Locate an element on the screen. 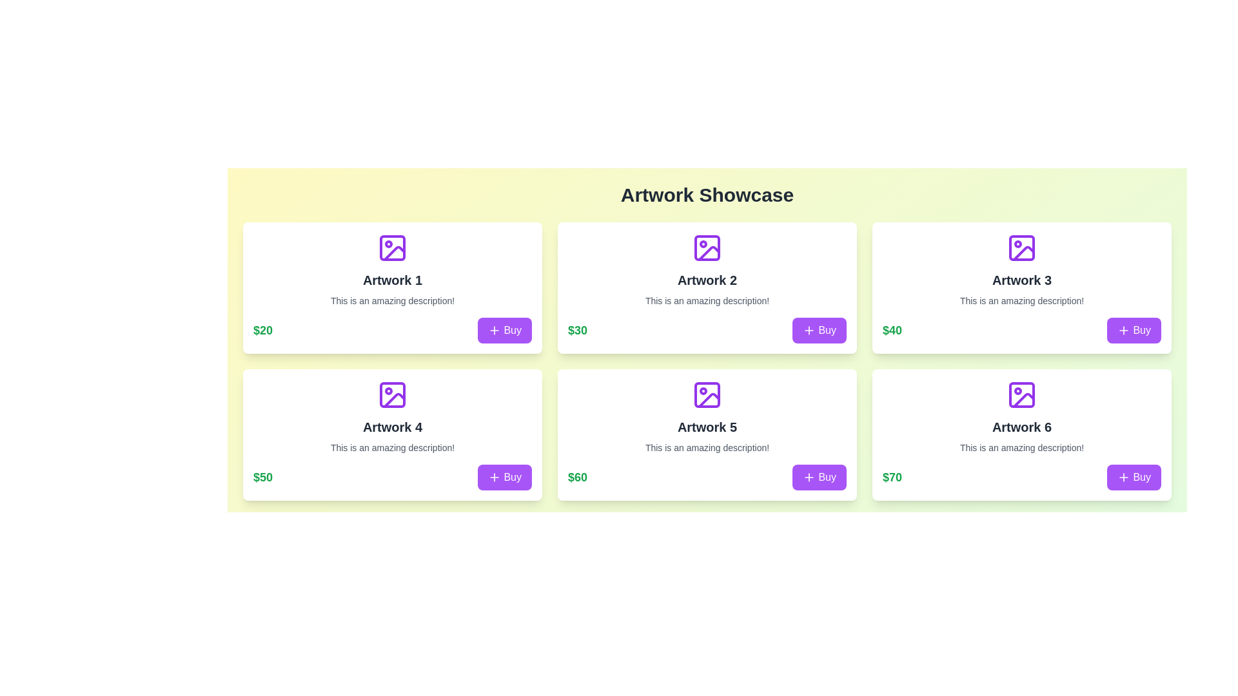 This screenshot has height=696, width=1238. the purchase button located at the bottom right side of the card showcasing 'Artwork 6' is located at coordinates (1134, 477).